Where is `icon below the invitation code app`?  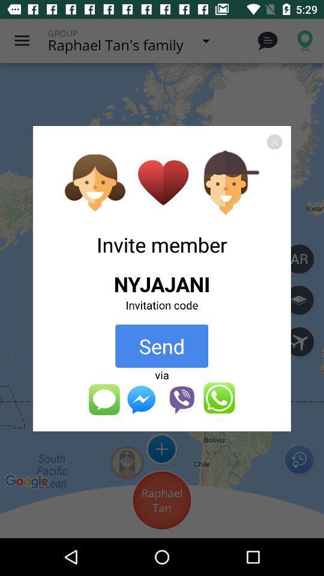 icon below the invitation code app is located at coordinates (161, 346).